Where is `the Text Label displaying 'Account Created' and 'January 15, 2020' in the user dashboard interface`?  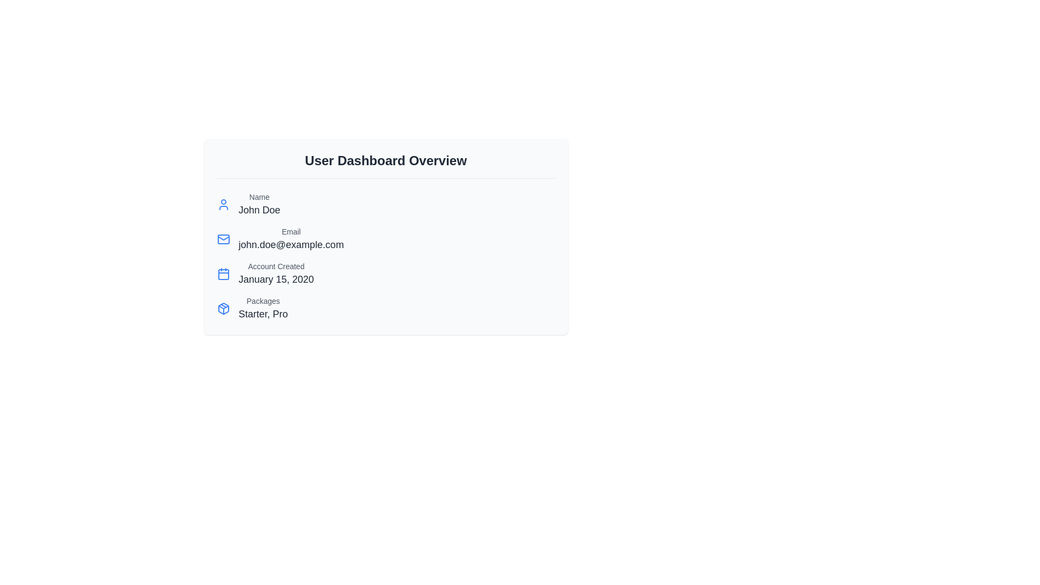
the Text Label displaying 'Account Created' and 'January 15, 2020' in the user dashboard interface is located at coordinates (276, 273).